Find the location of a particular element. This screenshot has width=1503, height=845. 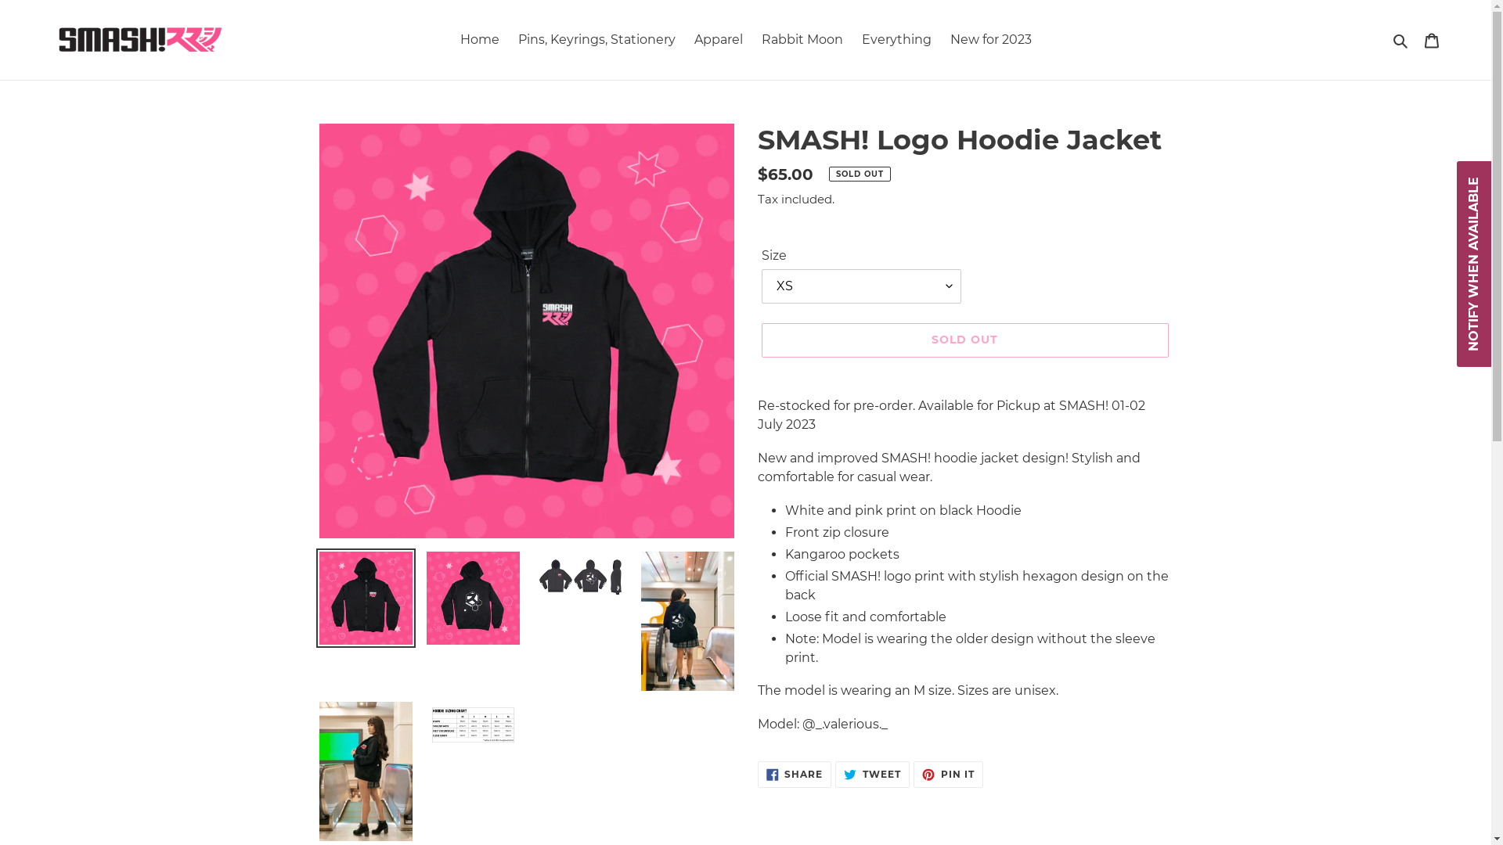

'Search' is located at coordinates (1401, 38).